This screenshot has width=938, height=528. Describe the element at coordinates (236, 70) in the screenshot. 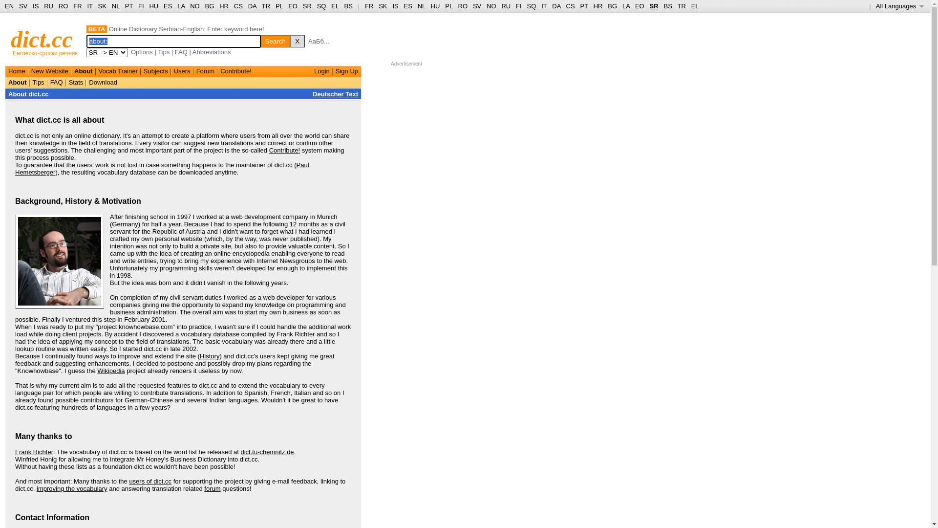

I see `'Contribute!'` at that location.